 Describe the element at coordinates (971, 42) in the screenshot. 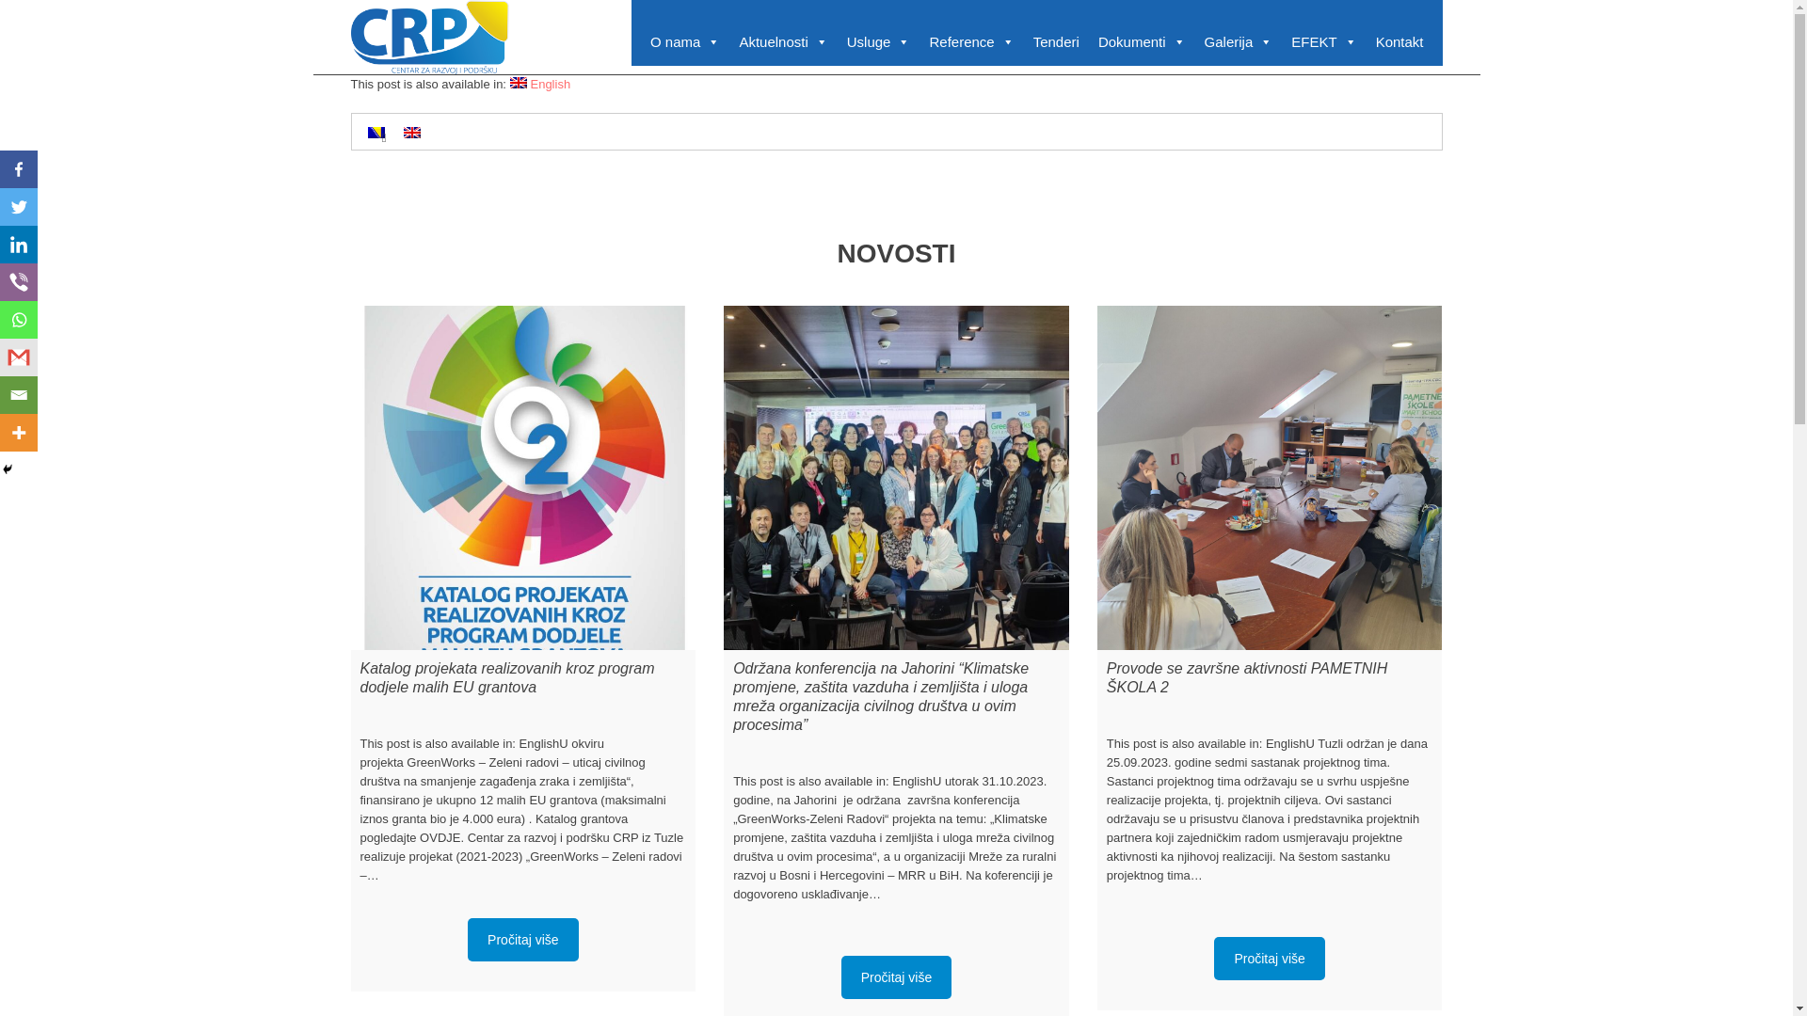

I see `'Reference'` at that location.